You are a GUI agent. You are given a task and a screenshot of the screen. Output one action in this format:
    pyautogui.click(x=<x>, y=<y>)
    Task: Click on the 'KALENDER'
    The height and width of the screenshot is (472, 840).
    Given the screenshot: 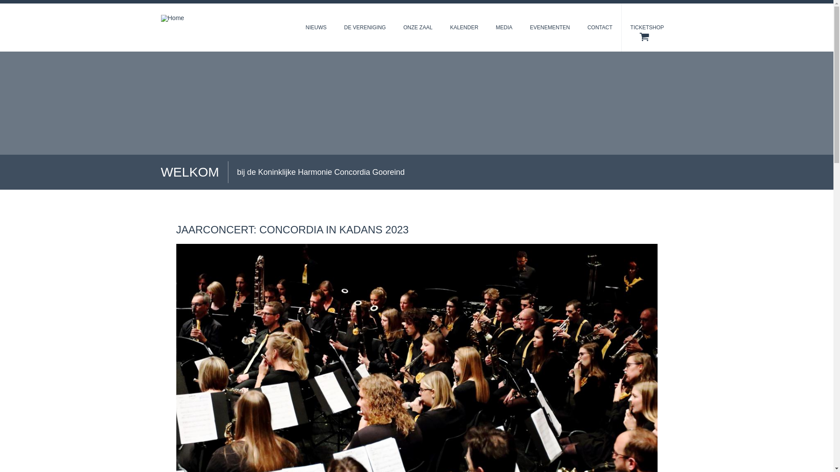 What is the action you would take?
    pyautogui.click(x=464, y=27)
    